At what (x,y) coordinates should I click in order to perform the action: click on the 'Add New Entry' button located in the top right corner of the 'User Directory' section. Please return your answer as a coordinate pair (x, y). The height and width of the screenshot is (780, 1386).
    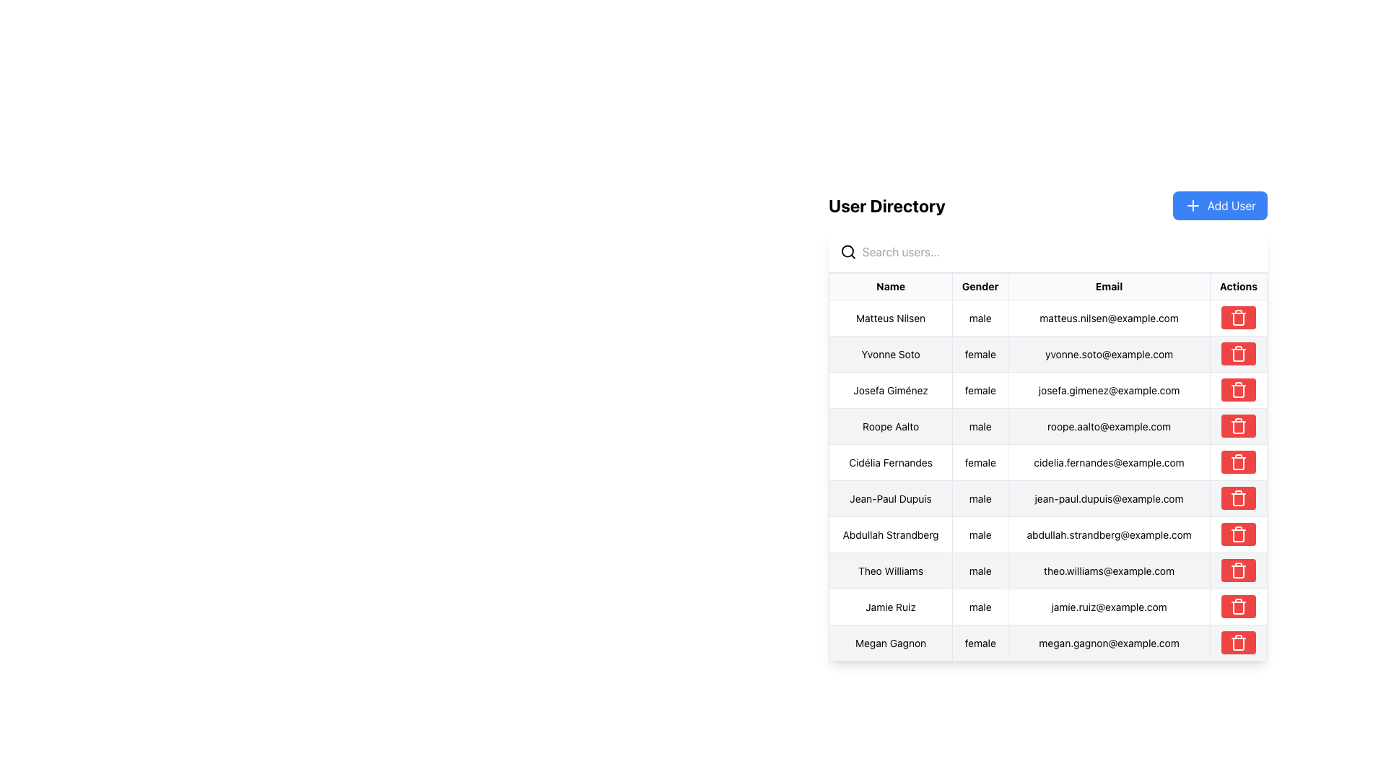
    Looking at the image, I should click on (1219, 206).